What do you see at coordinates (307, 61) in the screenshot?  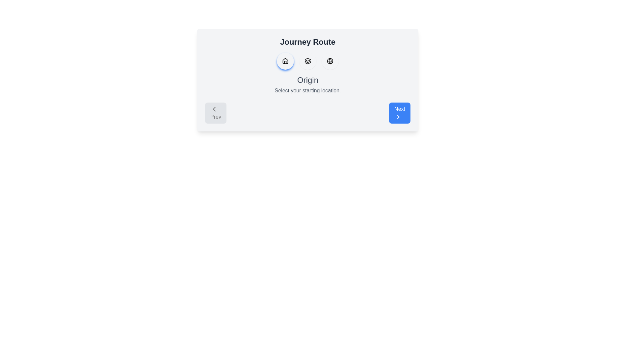 I see `the circular icon button with a stacked layers symbol inside, located at the center of the interface under the header 'Journey Route'` at bounding box center [307, 61].